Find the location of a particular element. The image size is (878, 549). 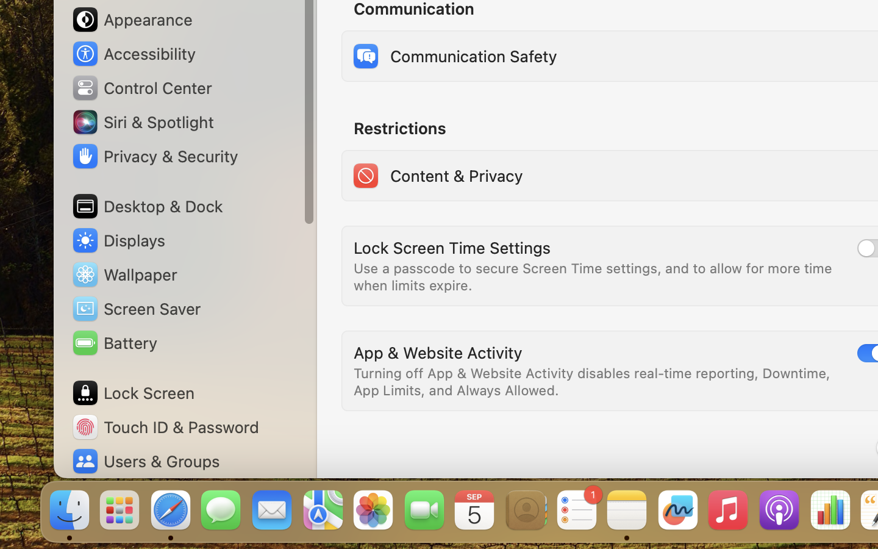

'Use a passcode to secure Screen Time settings, and to allow for more time when limits expire.' is located at coordinates (594, 276).